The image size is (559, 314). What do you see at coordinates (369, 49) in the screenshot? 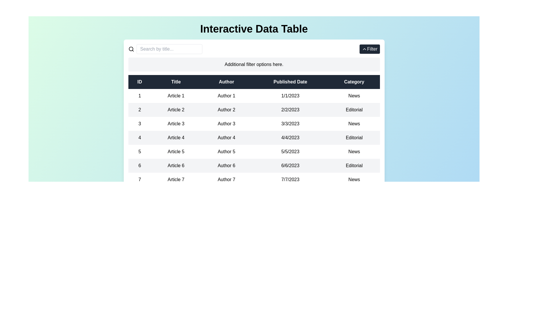
I see `the 'Filter' button to toggle the visibility of the additional filter options` at bounding box center [369, 49].